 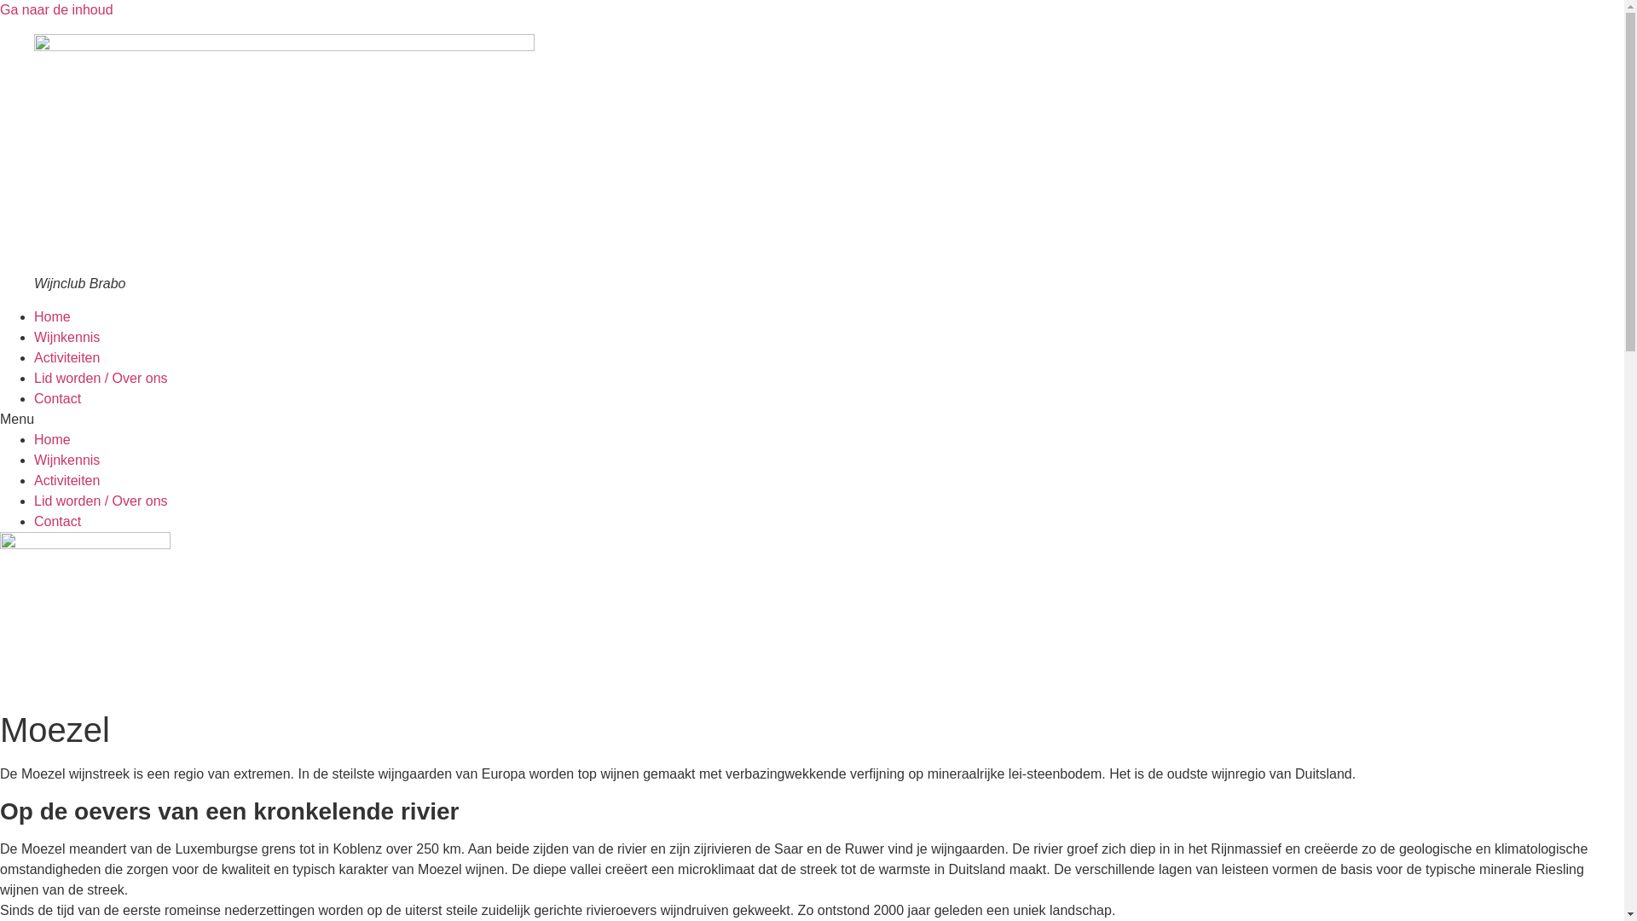 What do you see at coordinates (57, 398) in the screenshot?
I see `'Contact'` at bounding box center [57, 398].